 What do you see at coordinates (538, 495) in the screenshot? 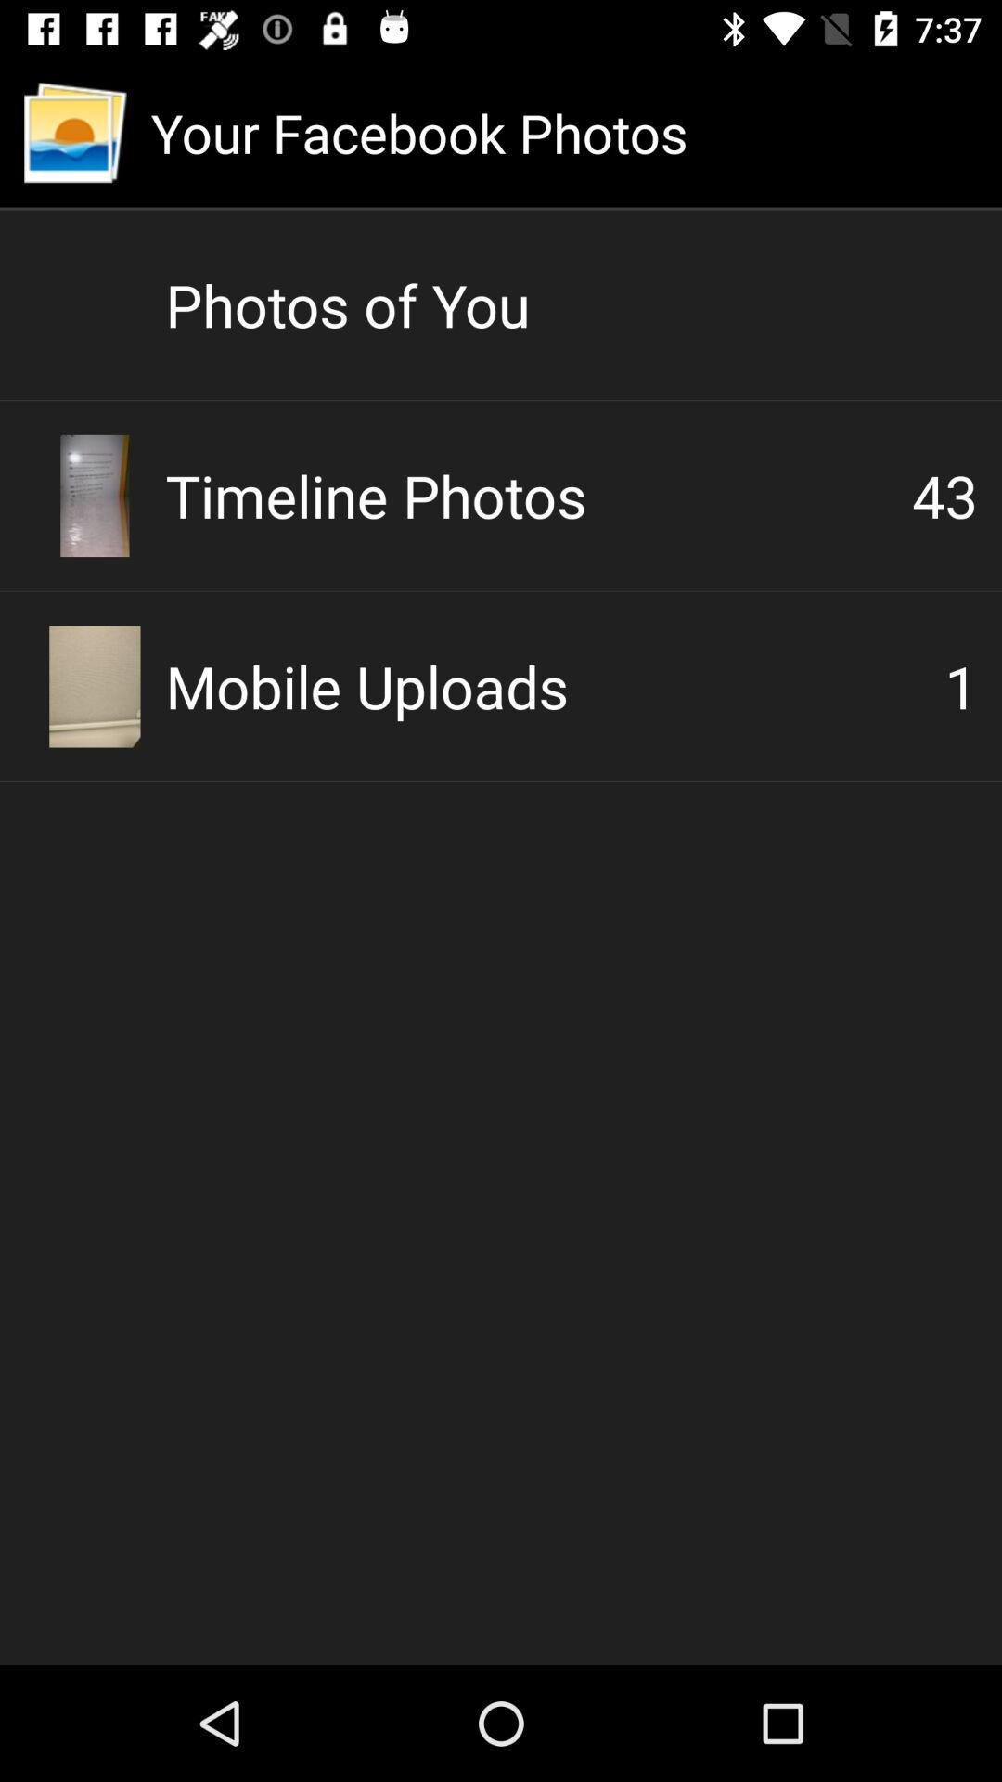
I see `the item to the left of 43` at bounding box center [538, 495].